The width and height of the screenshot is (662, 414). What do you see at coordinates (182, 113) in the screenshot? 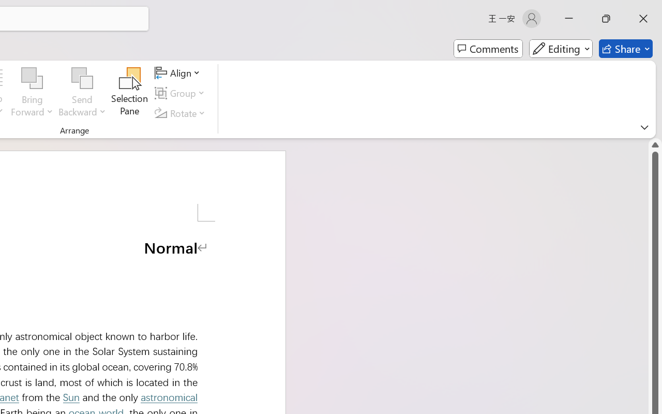
I see `'Rotate'` at bounding box center [182, 113].